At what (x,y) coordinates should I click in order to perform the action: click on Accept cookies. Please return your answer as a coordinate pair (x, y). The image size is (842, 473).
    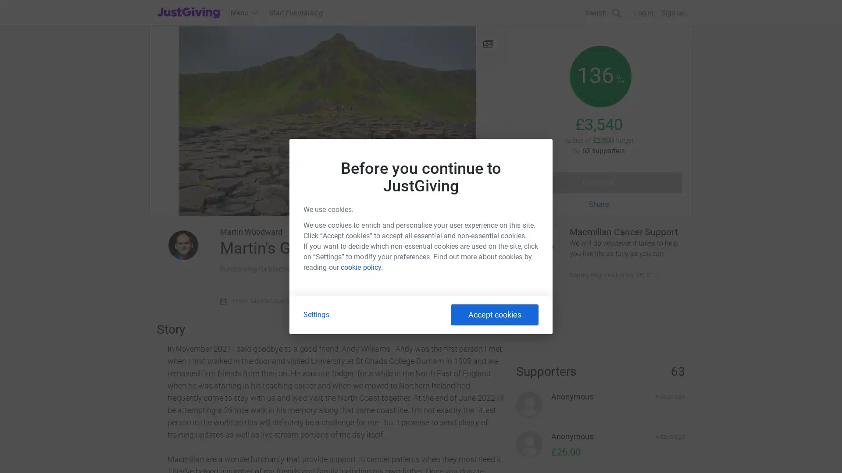
    Looking at the image, I should click on (495, 314).